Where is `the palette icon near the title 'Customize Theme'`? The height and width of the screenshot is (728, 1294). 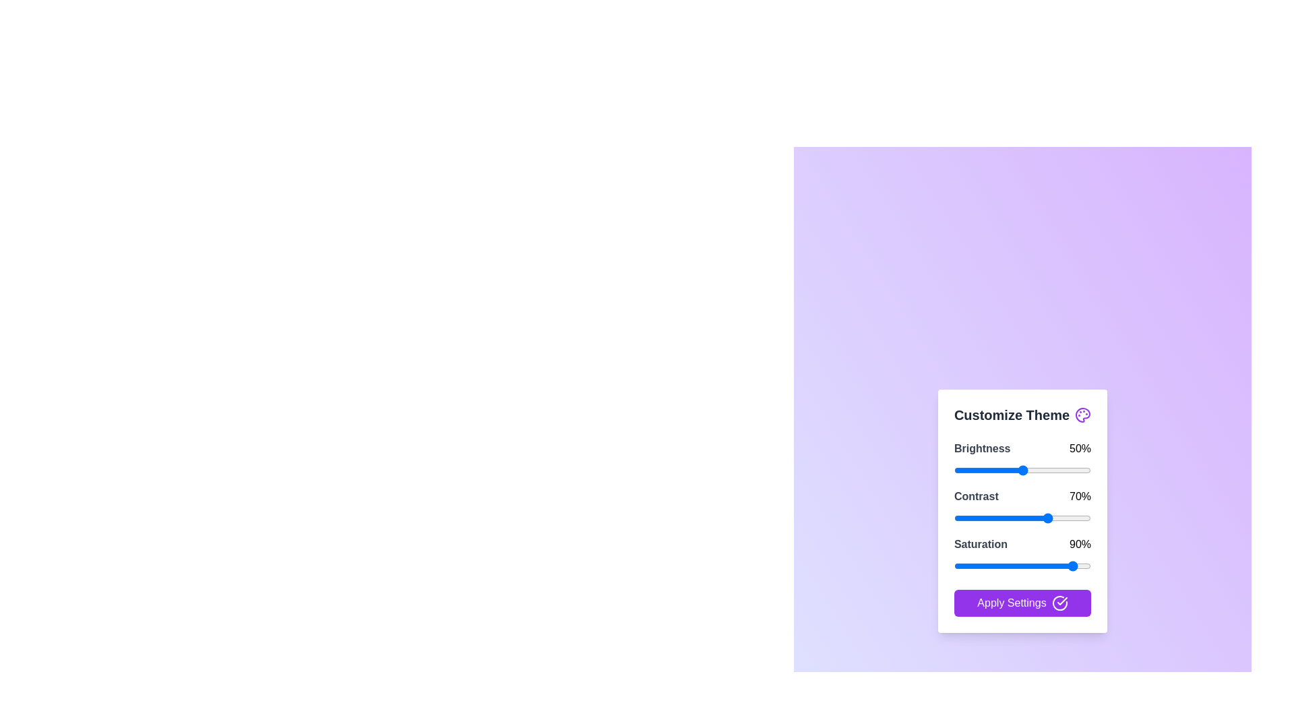 the palette icon near the title 'Customize Theme' is located at coordinates (1083, 413).